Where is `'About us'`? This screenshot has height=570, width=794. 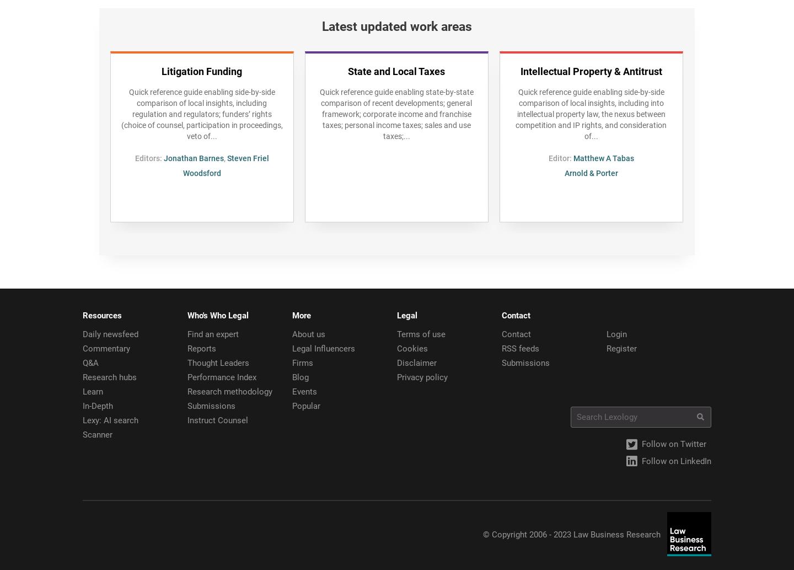 'About us' is located at coordinates (292, 333).